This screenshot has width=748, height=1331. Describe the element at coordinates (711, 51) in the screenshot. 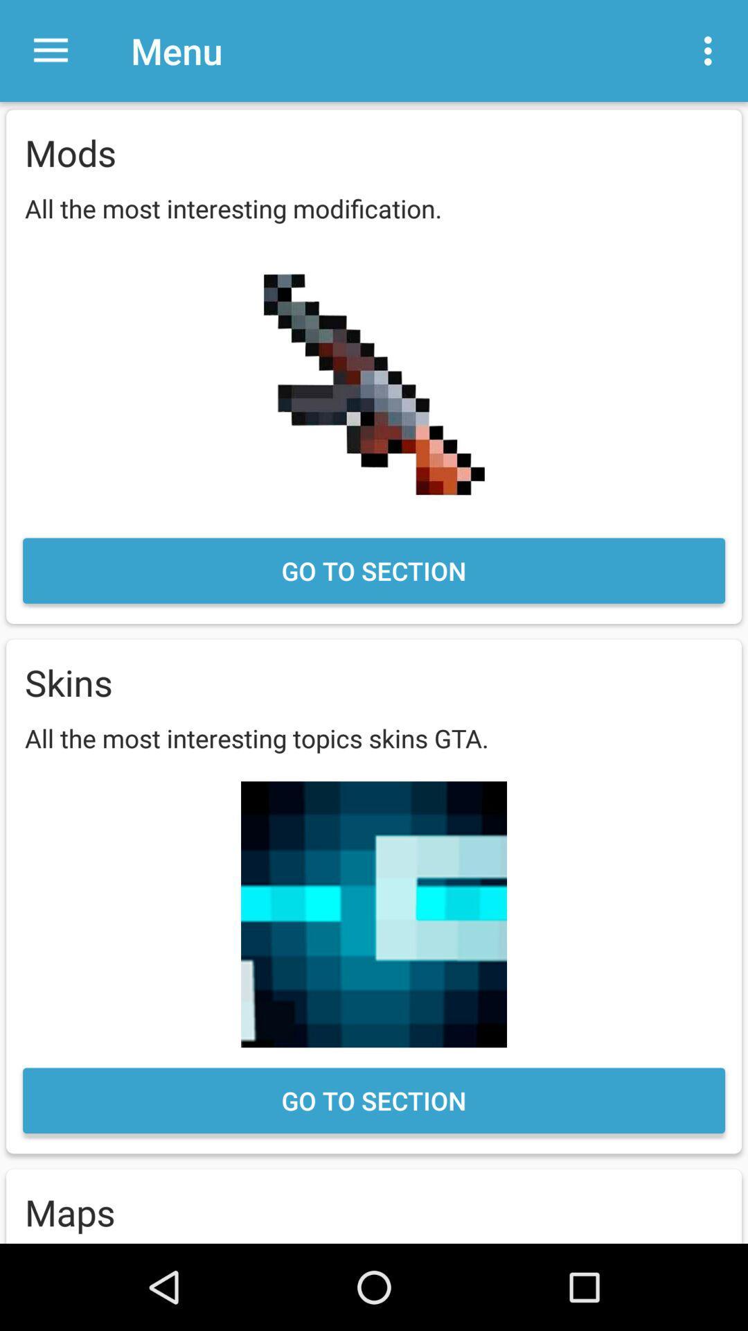

I see `item next to the menu` at that location.